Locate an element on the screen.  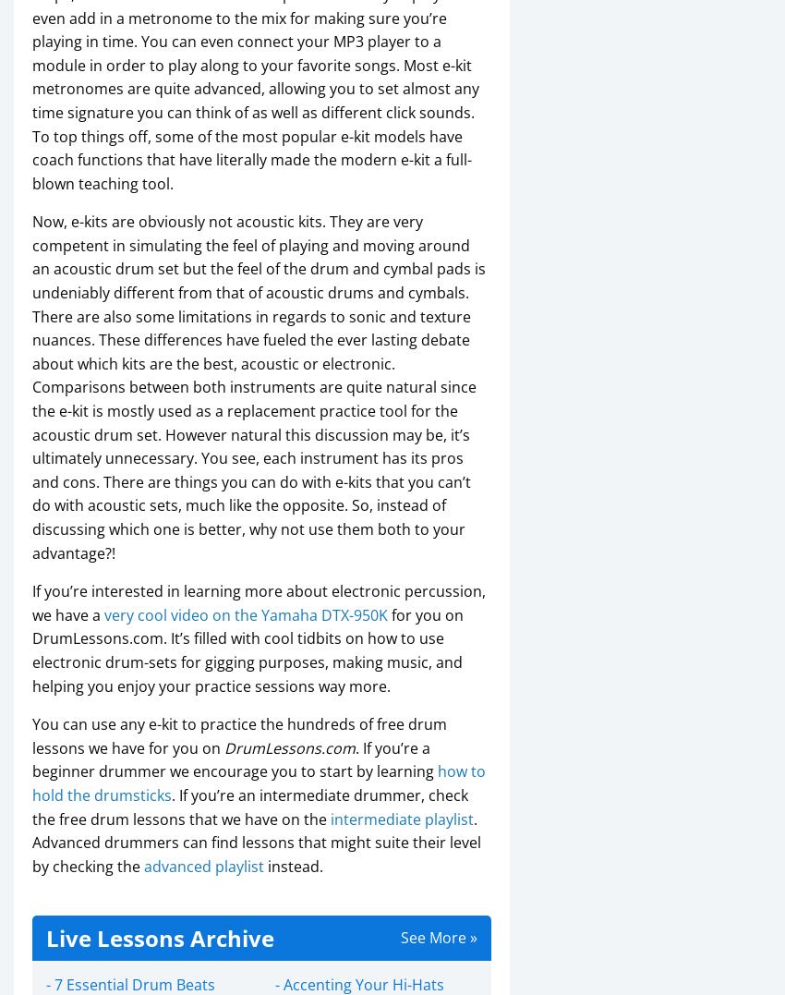
'See More »' is located at coordinates (438, 936).